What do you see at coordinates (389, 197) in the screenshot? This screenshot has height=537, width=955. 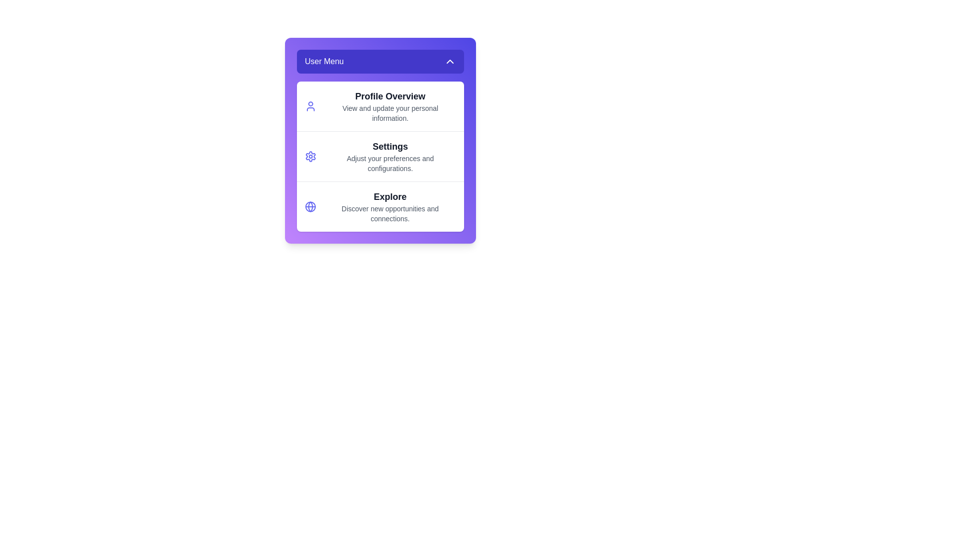 I see `the Text Label that serves as a heading for a menu item, positioned in the middle section of a purple-framed user menu, located below the 'Settings' label and above the descriptive text` at bounding box center [389, 197].